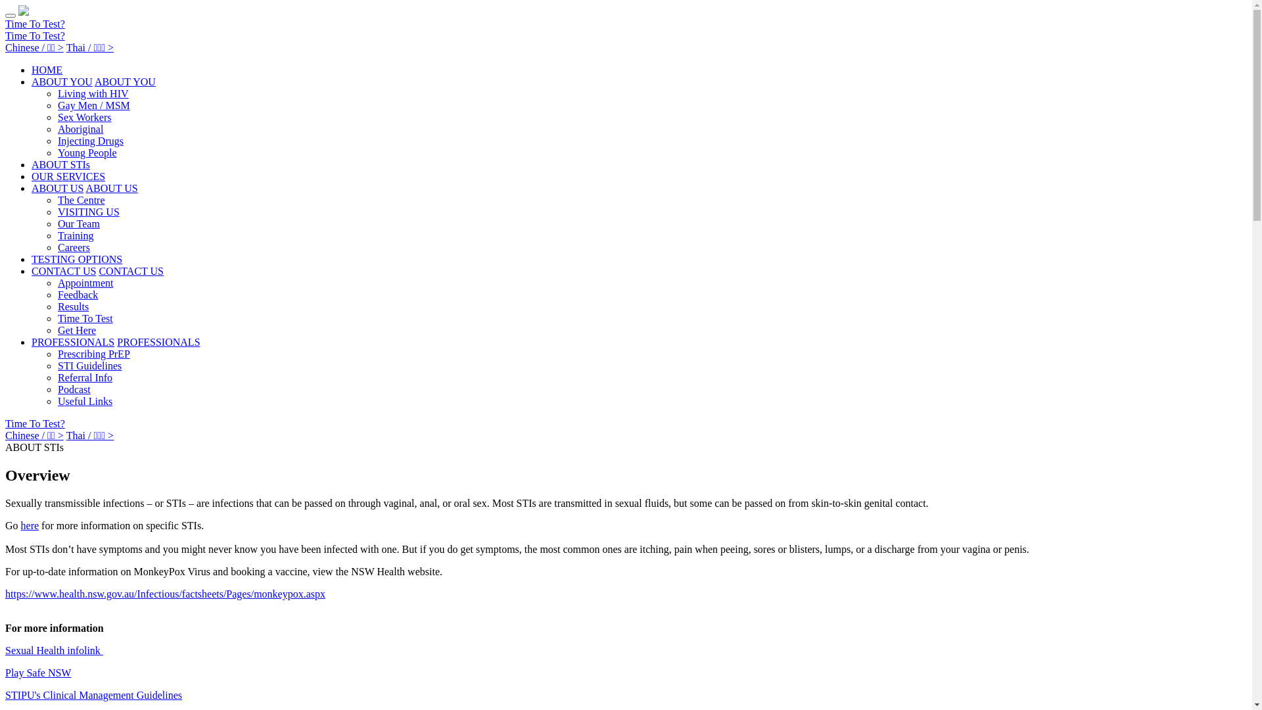 This screenshot has height=710, width=1262. I want to click on 'CONTACT US', so click(62, 270).